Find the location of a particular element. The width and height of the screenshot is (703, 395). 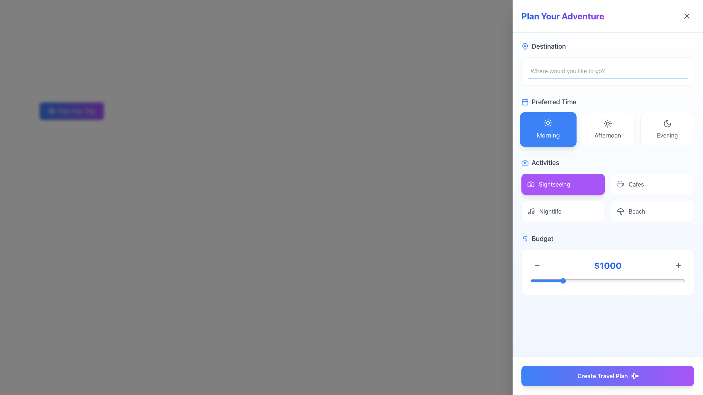

the 'Create Travel Plan' button, which is a rectangular button with rounded corners, a gradient background from blue to purple, white text, and an airplane icon, located at the bottom of the panel under 'Plan Your Adventure' is located at coordinates (608, 376).